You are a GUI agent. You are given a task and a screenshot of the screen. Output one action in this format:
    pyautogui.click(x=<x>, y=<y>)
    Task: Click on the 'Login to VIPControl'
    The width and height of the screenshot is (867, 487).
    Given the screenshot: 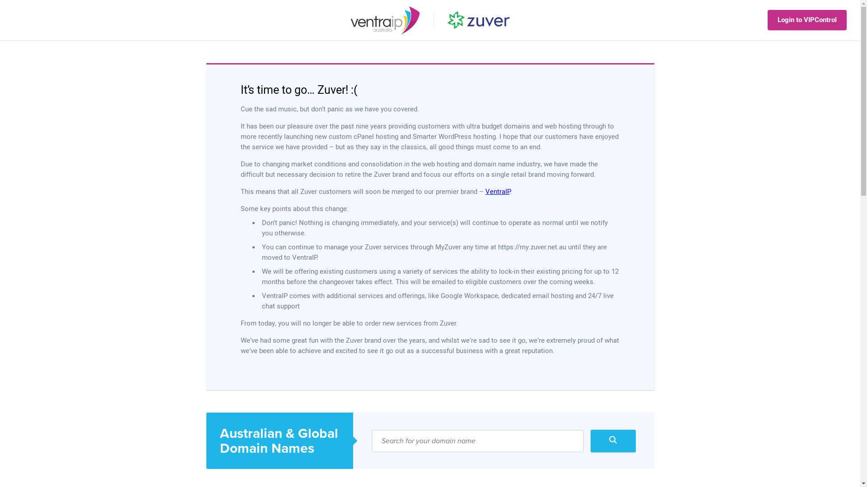 What is the action you would take?
    pyautogui.click(x=807, y=20)
    